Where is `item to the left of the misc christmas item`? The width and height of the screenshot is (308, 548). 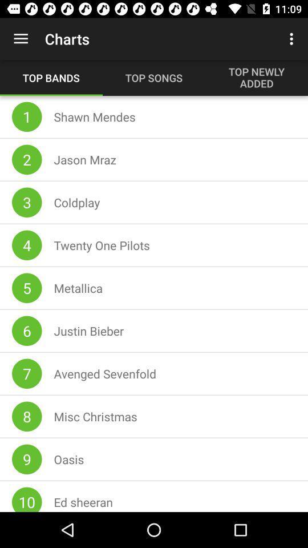
item to the left of the misc christmas item is located at coordinates (27, 416).